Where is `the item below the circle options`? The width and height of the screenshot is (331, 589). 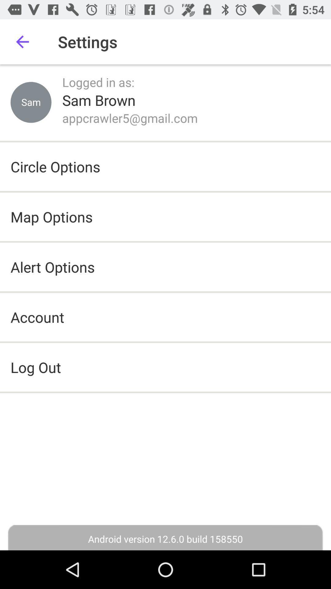 the item below the circle options is located at coordinates (51, 217).